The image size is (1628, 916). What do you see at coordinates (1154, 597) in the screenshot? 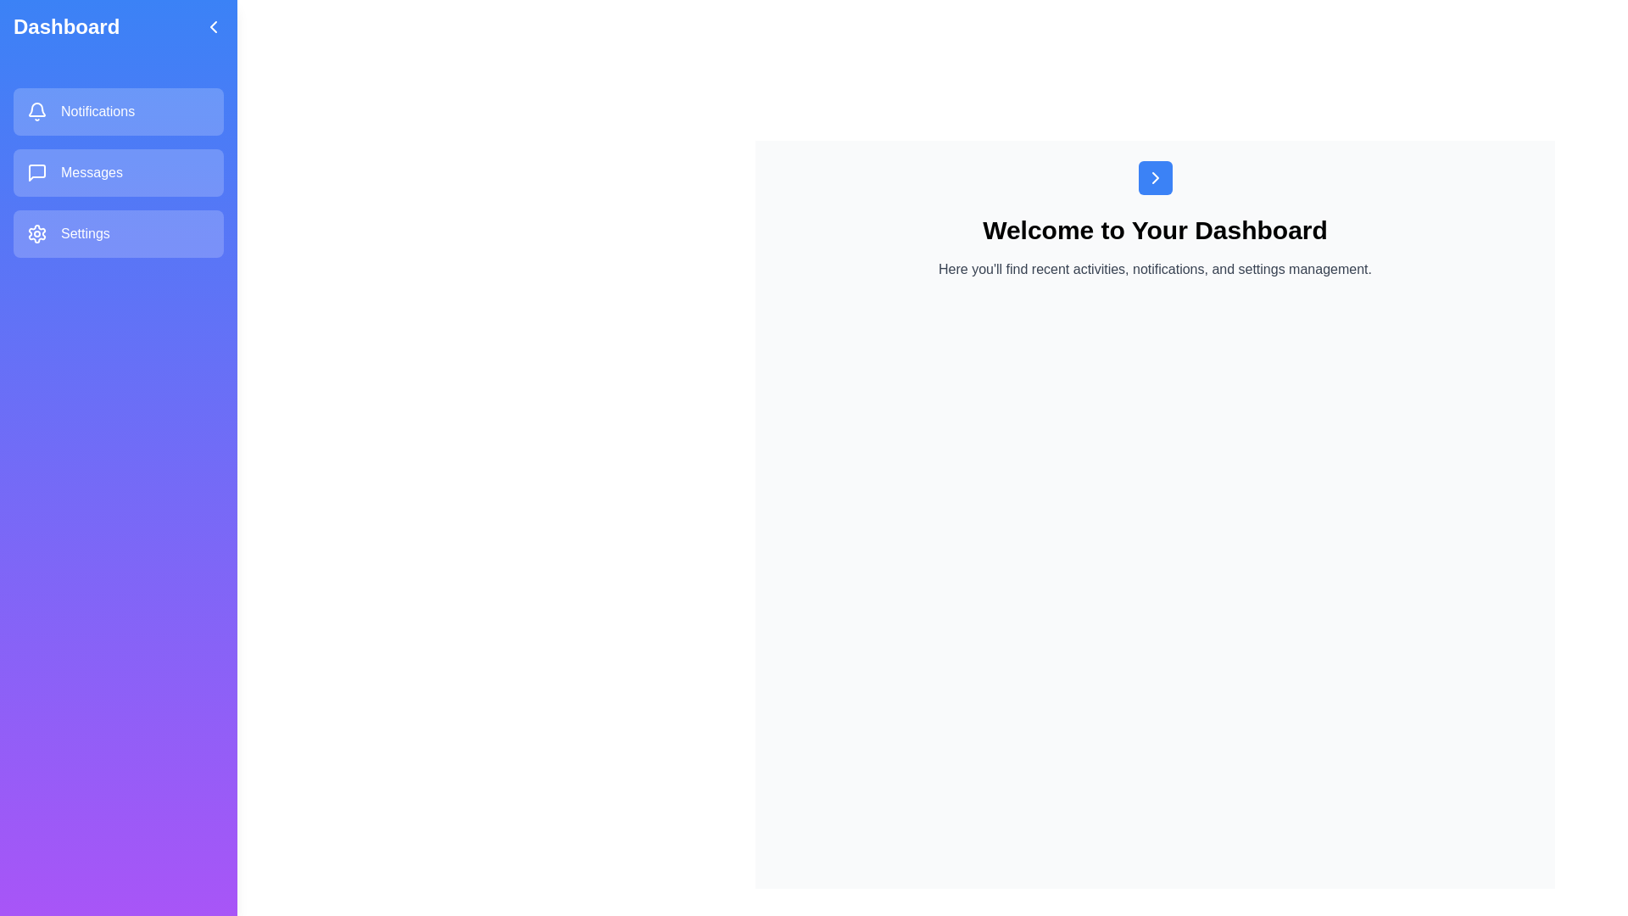
I see `the main area of the dashboard` at bounding box center [1154, 597].